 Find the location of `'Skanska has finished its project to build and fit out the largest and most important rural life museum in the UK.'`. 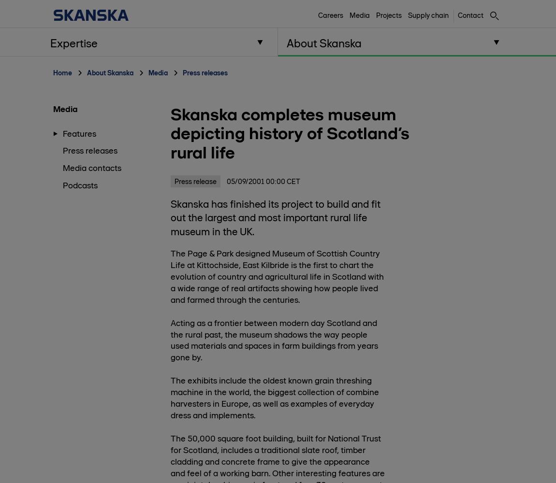

'Skanska has finished its project to build and fit out the largest and most important rural life museum in the UK.' is located at coordinates (275, 217).